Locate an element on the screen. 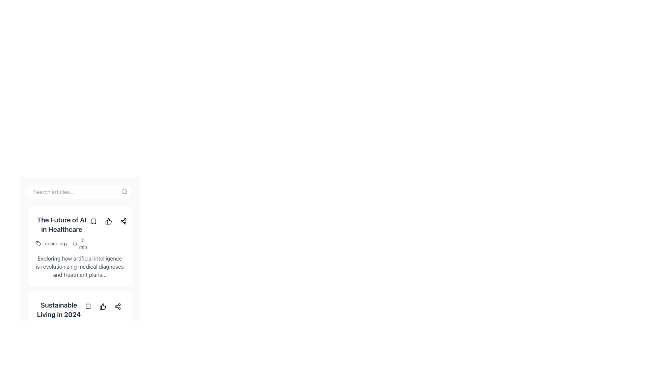 This screenshot has width=648, height=365. text content located in the second section of the card component, directly below the title 'The Future of AI in Healthcare' is located at coordinates (80, 266).